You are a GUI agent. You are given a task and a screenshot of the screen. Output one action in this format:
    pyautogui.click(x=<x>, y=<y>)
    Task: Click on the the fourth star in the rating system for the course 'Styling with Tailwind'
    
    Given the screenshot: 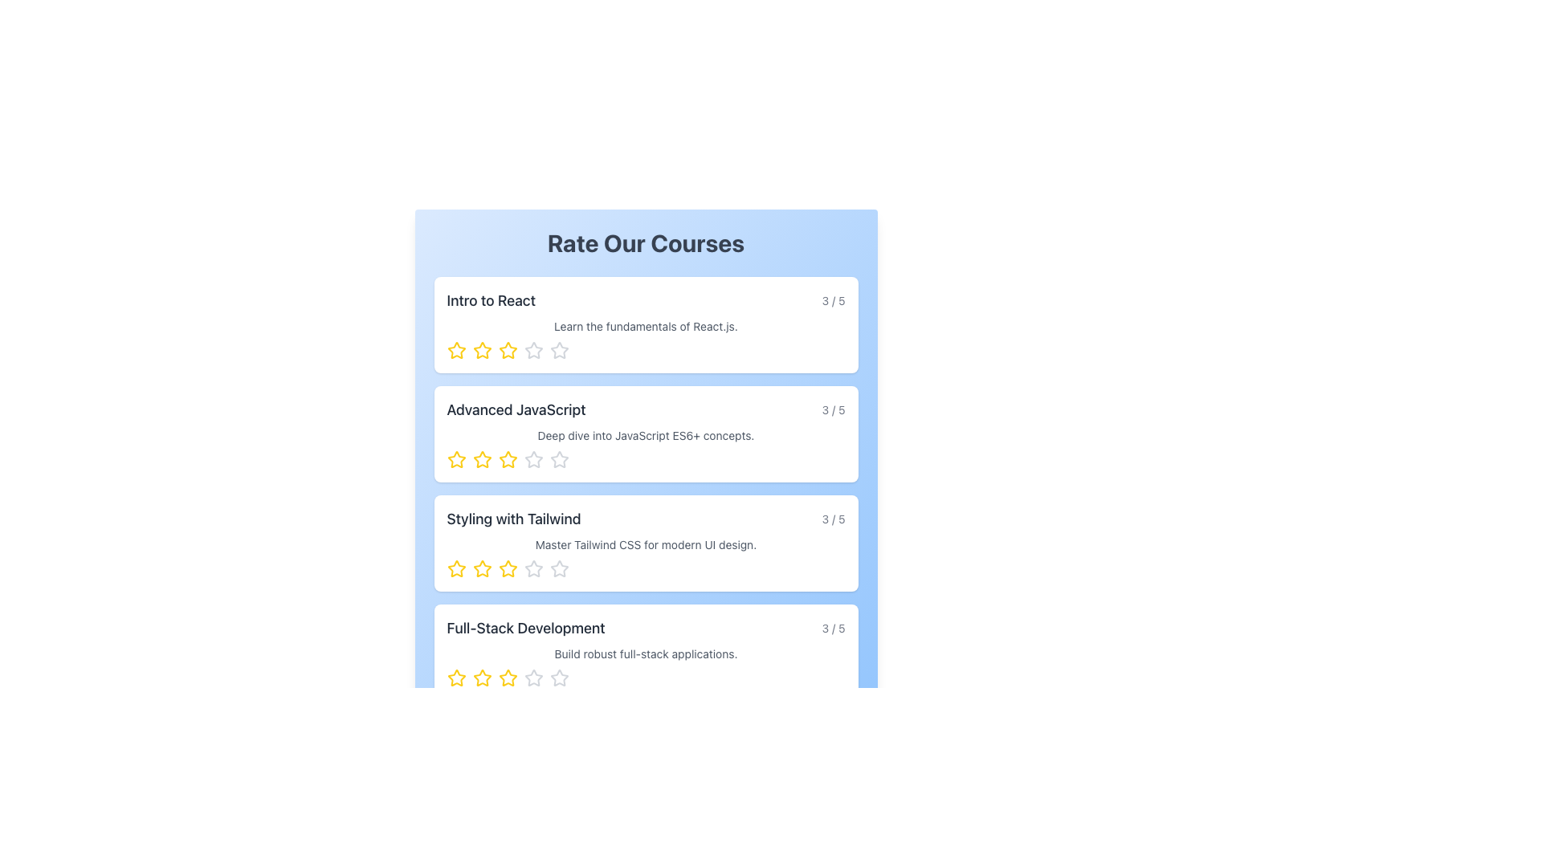 What is the action you would take?
    pyautogui.click(x=532, y=568)
    